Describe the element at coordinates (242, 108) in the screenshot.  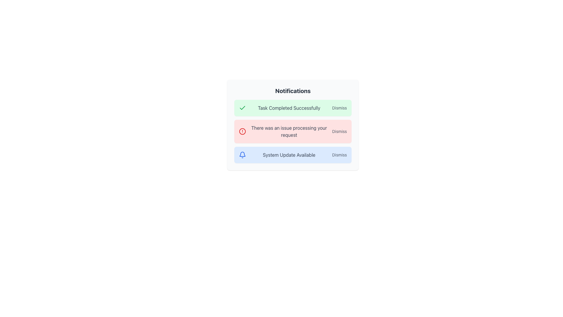
I see `the green checkmark icon that indicates a completed task, located in the first notification box aligned with the 'Task Completed Successfully' text` at that location.